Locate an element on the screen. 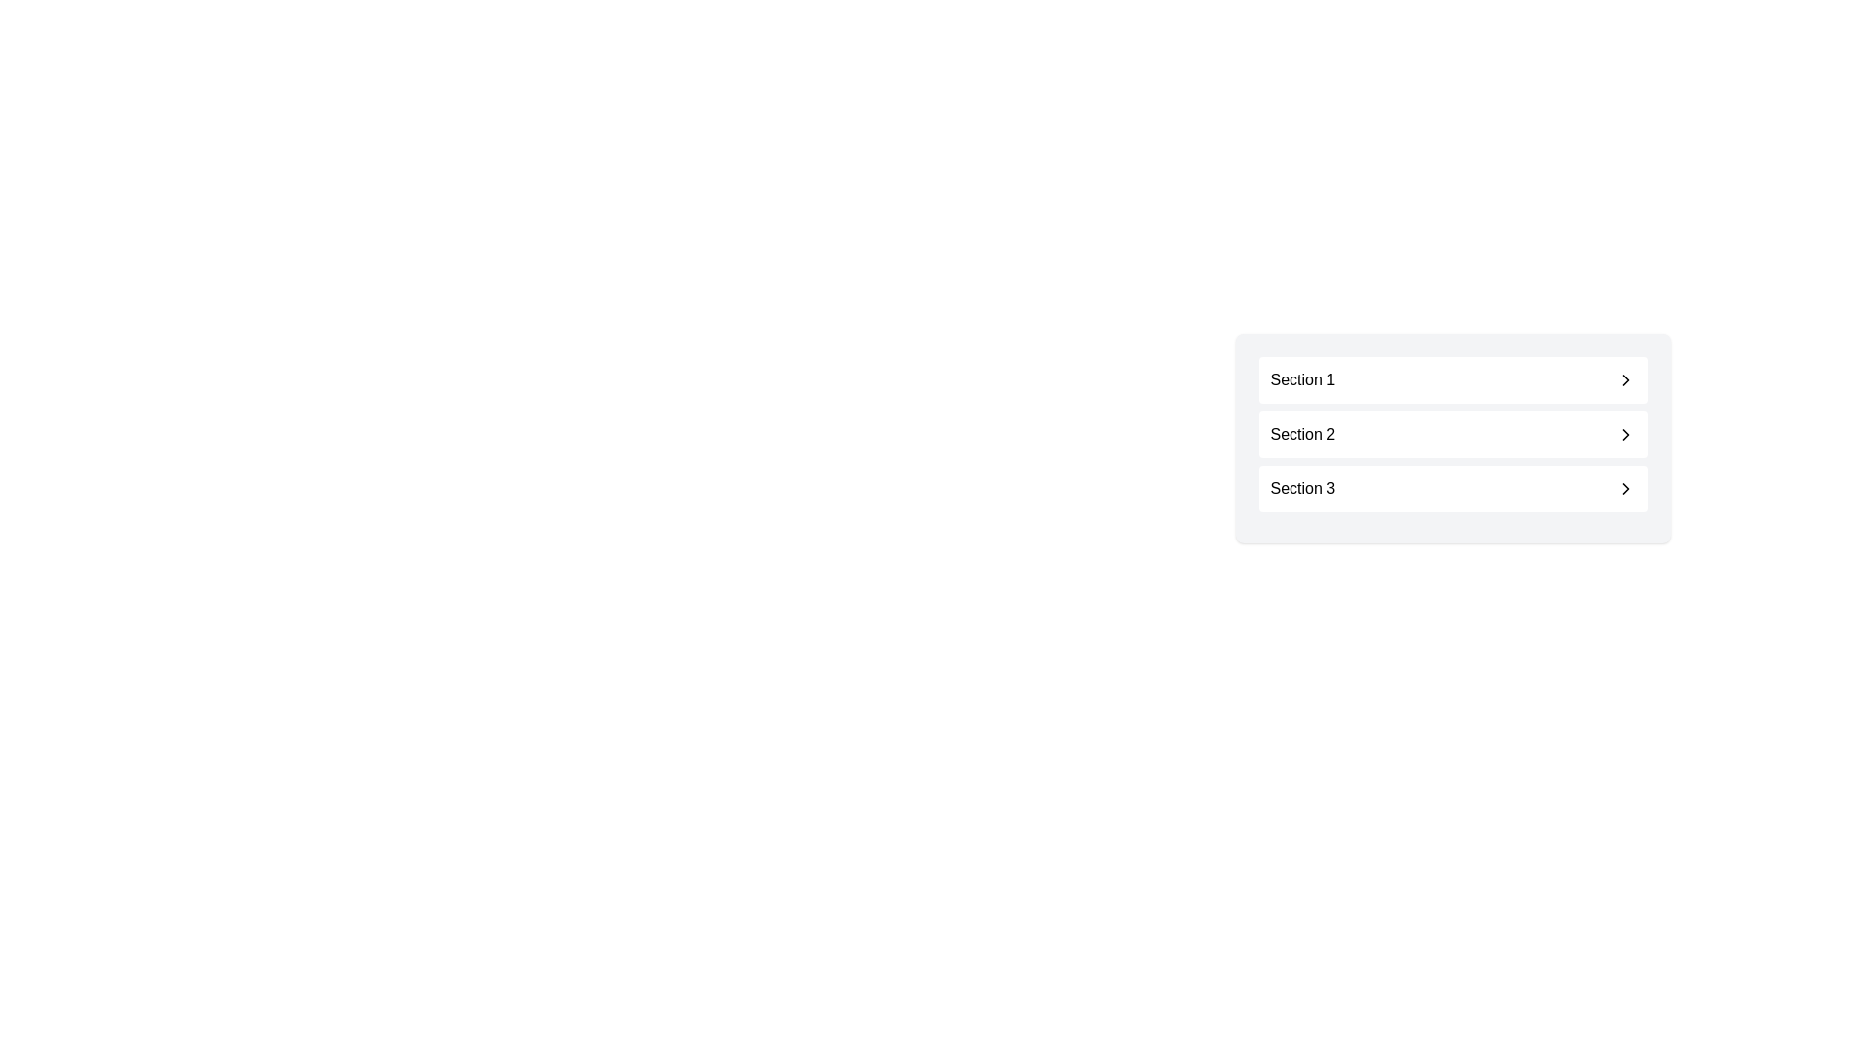  the rightward-pointing chevron icon located to the right of the text 'Section 3' in the list of sections is located at coordinates (1625, 488).